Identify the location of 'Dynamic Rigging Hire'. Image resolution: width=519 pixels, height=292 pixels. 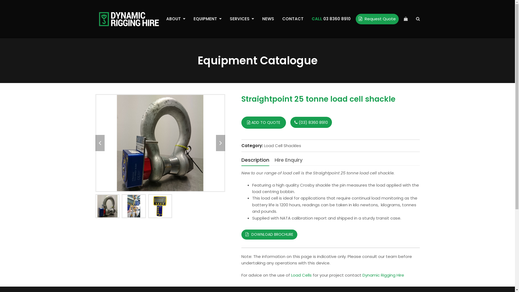
(382, 275).